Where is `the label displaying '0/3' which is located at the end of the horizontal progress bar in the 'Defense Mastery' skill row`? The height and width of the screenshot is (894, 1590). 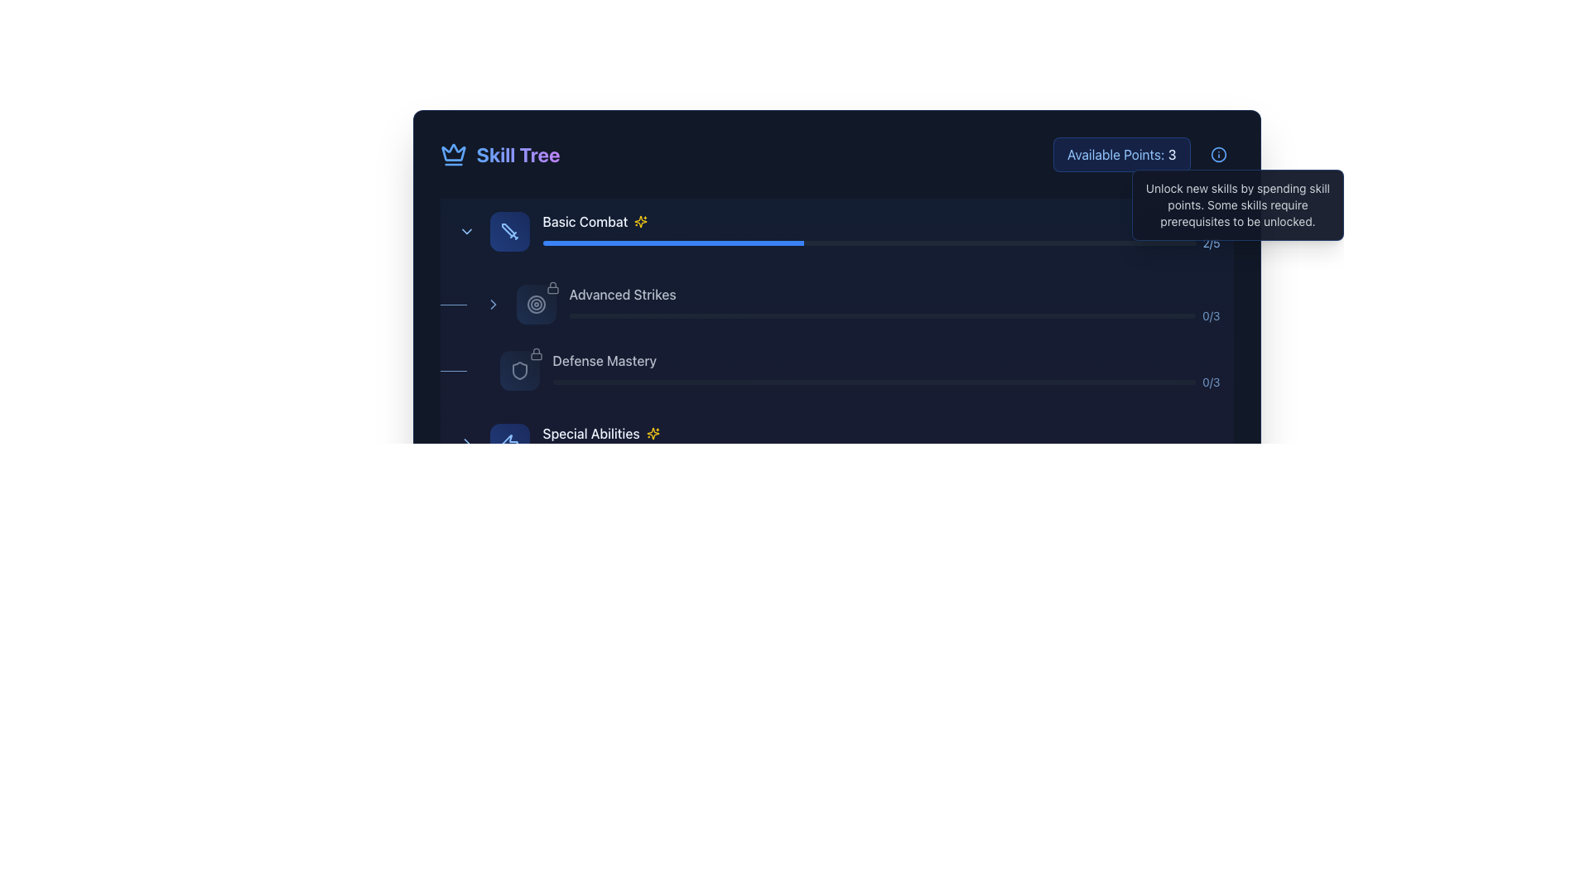 the label displaying '0/3' which is located at the end of the horizontal progress bar in the 'Defense Mastery' skill row is located at coordinates (1211, 315).